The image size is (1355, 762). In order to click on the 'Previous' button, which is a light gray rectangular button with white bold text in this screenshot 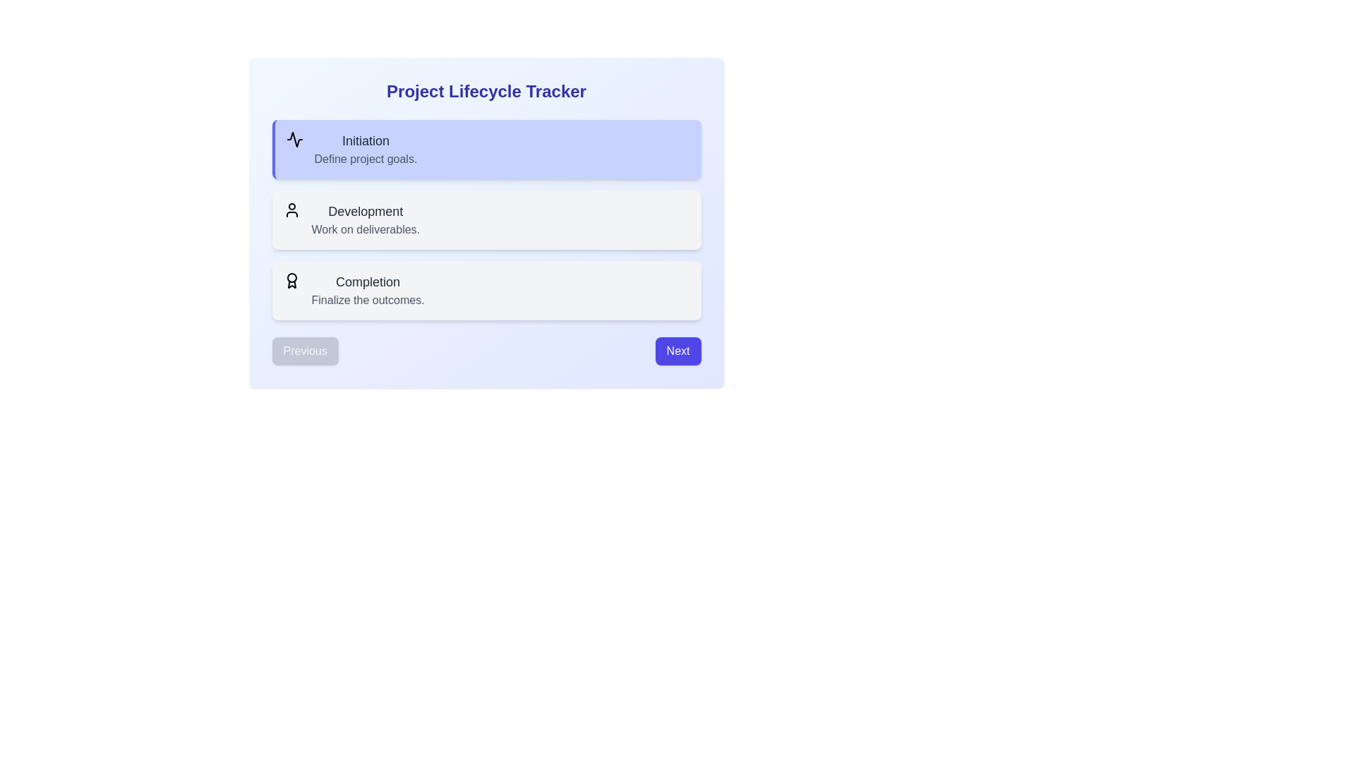, I will do `click(304, 350)`.